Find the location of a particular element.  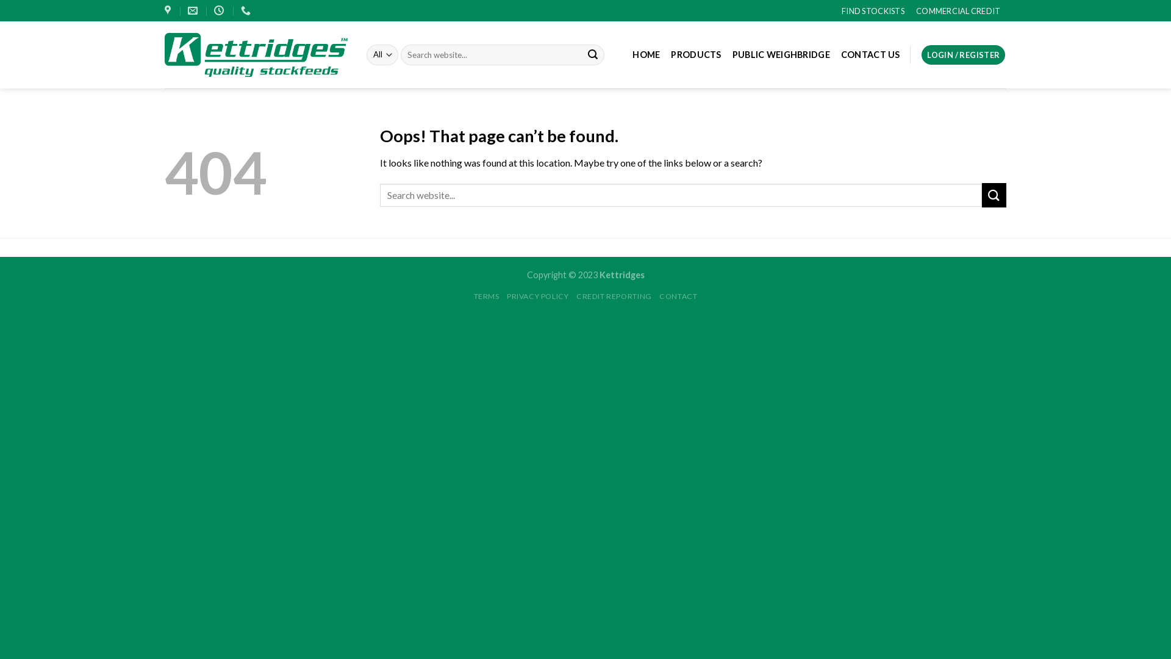

'Monday to Friday 8am - 4pm ' is located at coordinates (213, 10).